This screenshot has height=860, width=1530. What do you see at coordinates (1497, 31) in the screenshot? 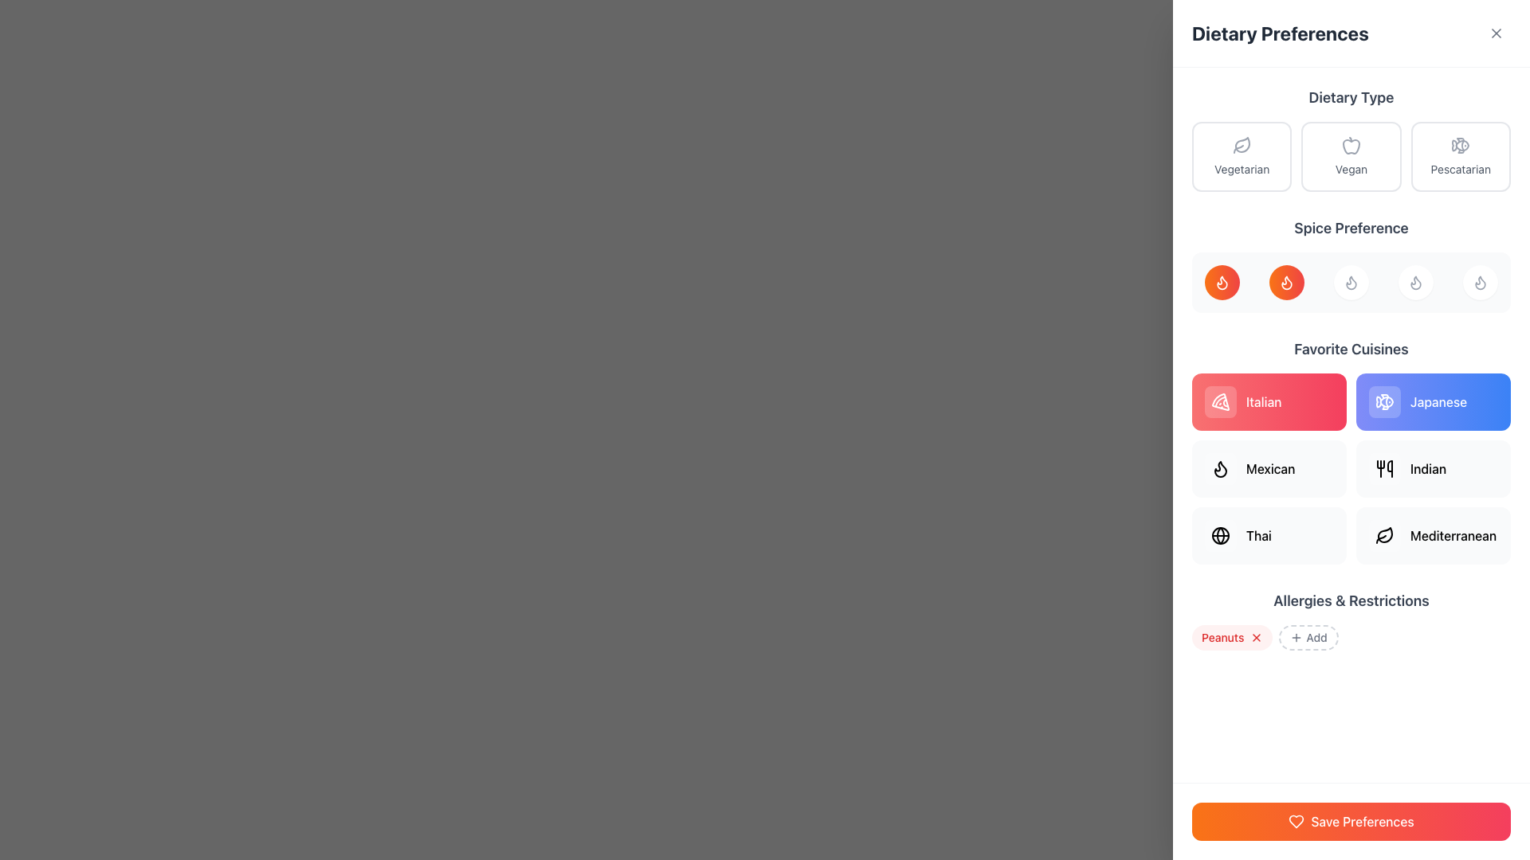
I see `the utensils icon located in the circular button at the top-right corner of the interface, which is adjacent to the title 'Dietary Preferences'` at bounding box center [1497, 31].